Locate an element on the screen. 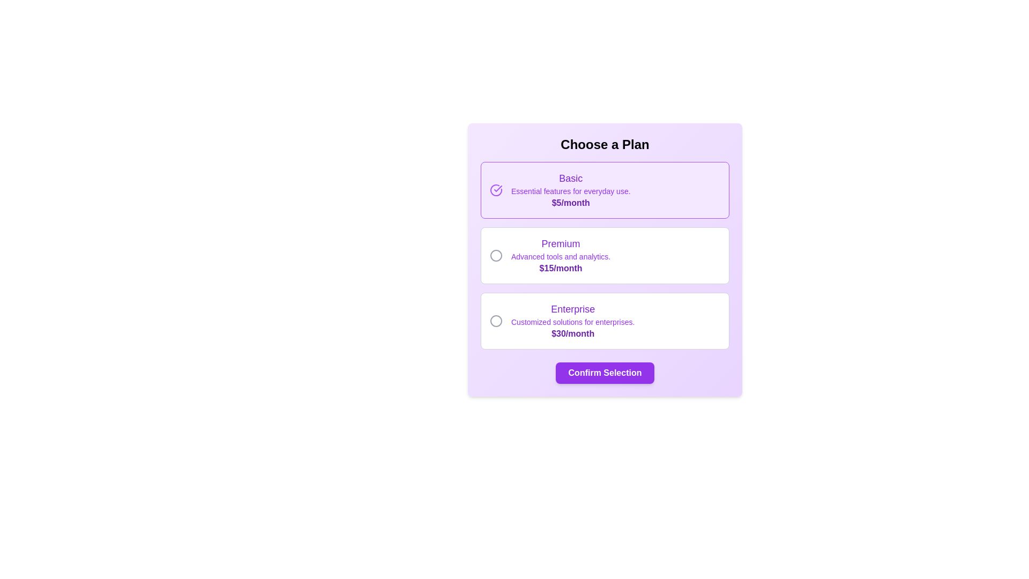  the hollow circle SVG element associated with the 'Enterprise' plan option is located at coordinates (496, 320).